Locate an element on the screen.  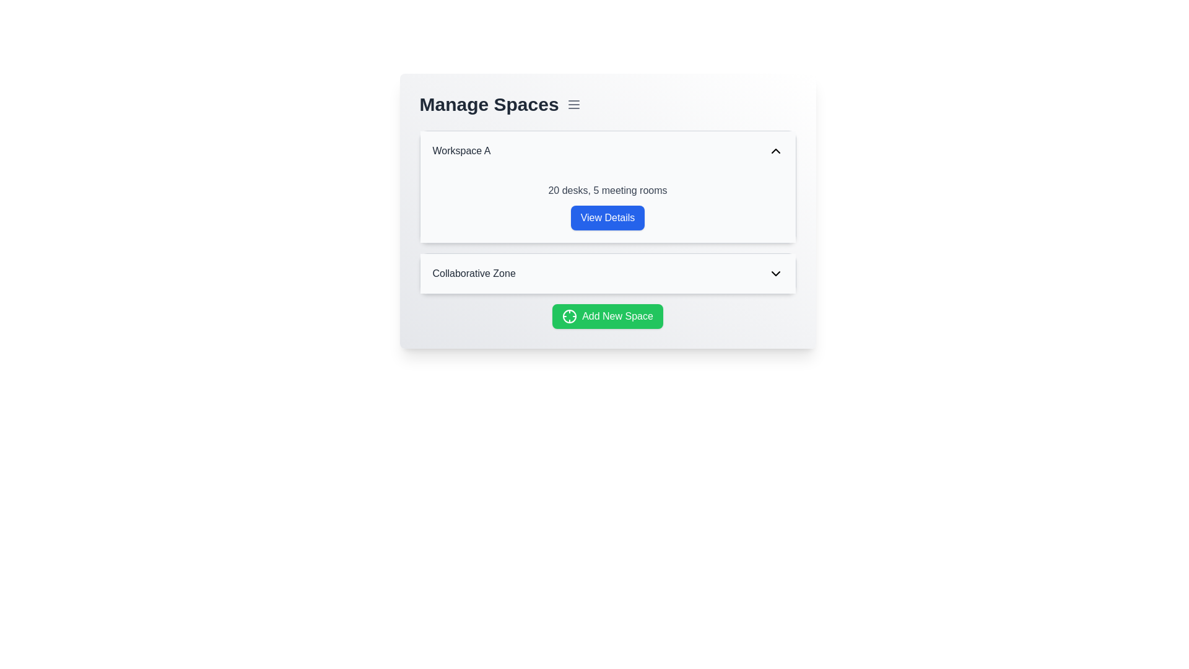
the downward-facing chevron icon on the right side of the 'Collaborative Zone' button is located at coordinates (775, 273).